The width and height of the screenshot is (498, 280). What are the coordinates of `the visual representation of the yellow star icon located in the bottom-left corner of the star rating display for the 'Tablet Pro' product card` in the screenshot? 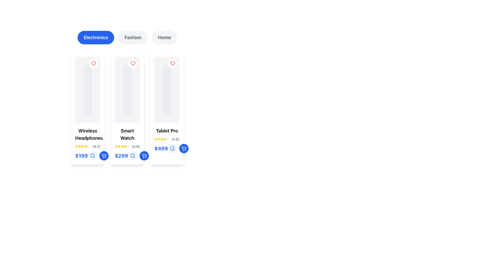 It's located at (164, 139).